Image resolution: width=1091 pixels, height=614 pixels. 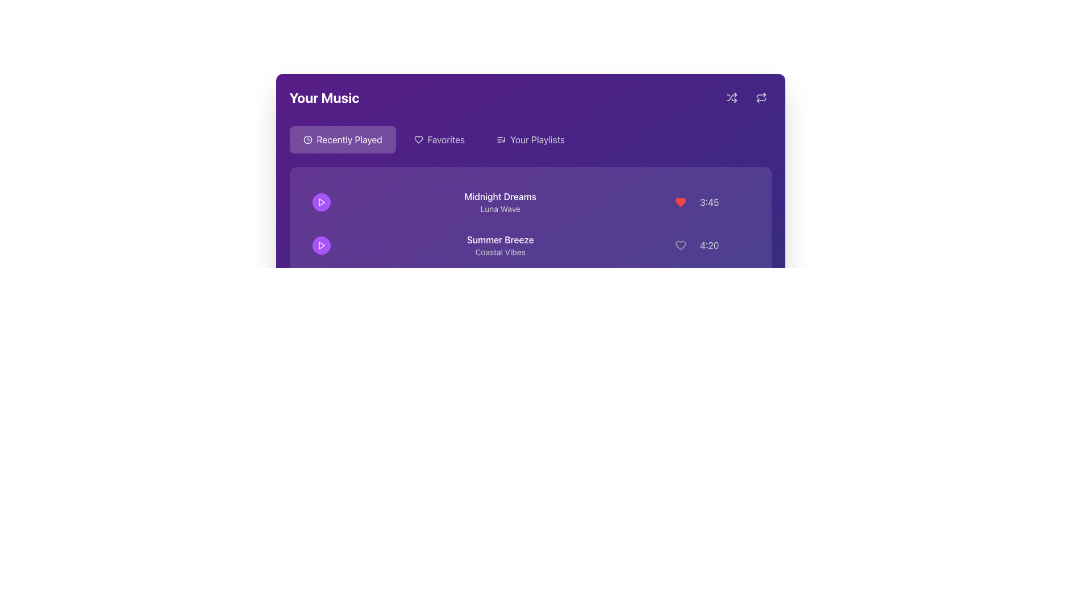 What do you see at coordinates (530, 245) in the screenshot?
I see `the music item titled 'Summer Breeze' in the playlist` at bounding box center [530, 245].